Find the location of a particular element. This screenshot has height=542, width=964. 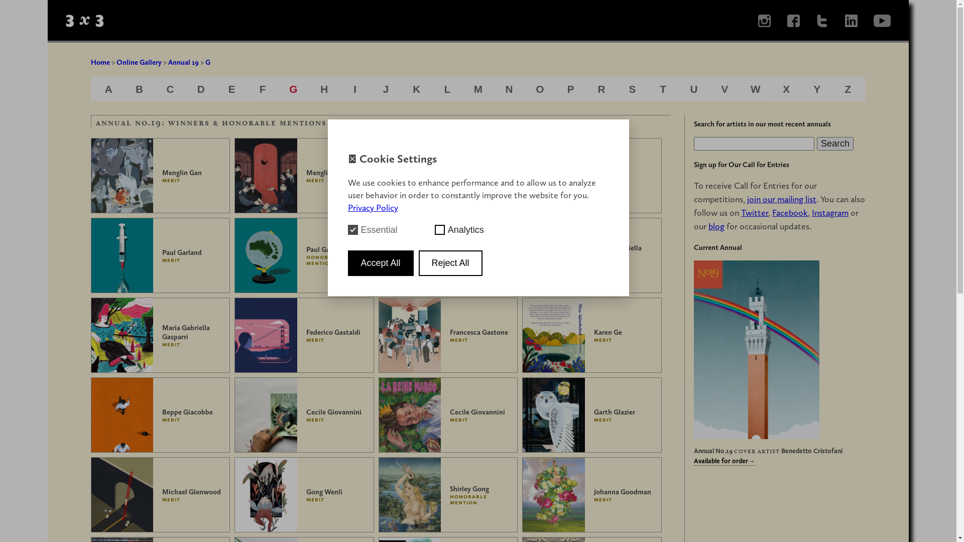

'O' is located at coordinates (539, 88).